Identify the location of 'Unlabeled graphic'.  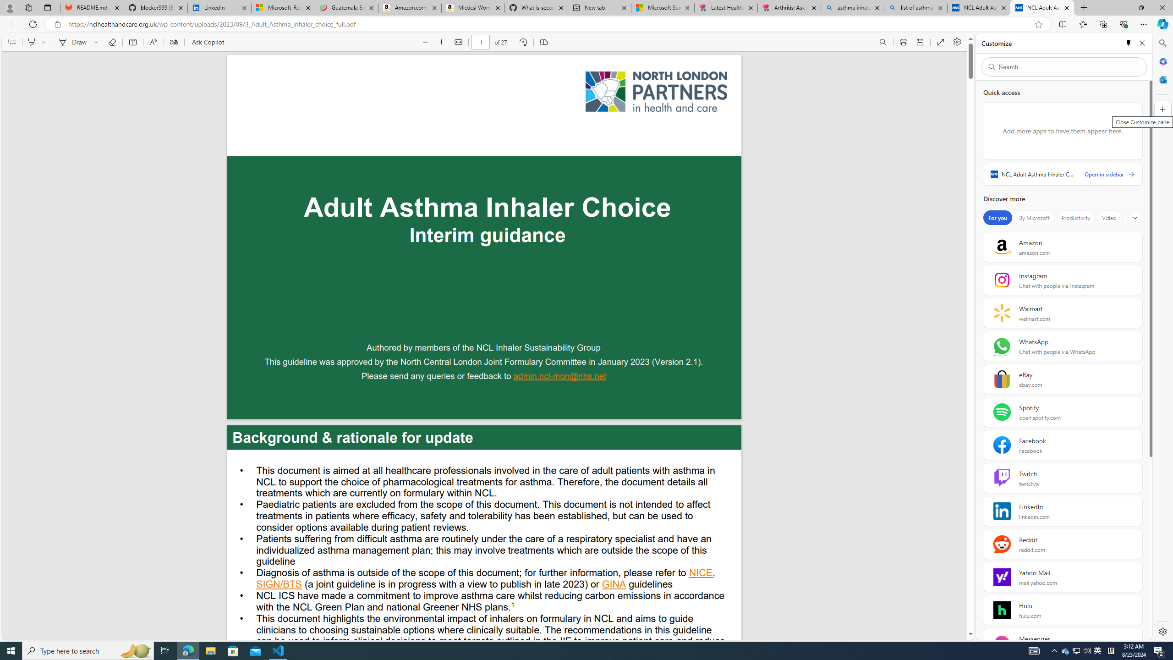
(656, 91).